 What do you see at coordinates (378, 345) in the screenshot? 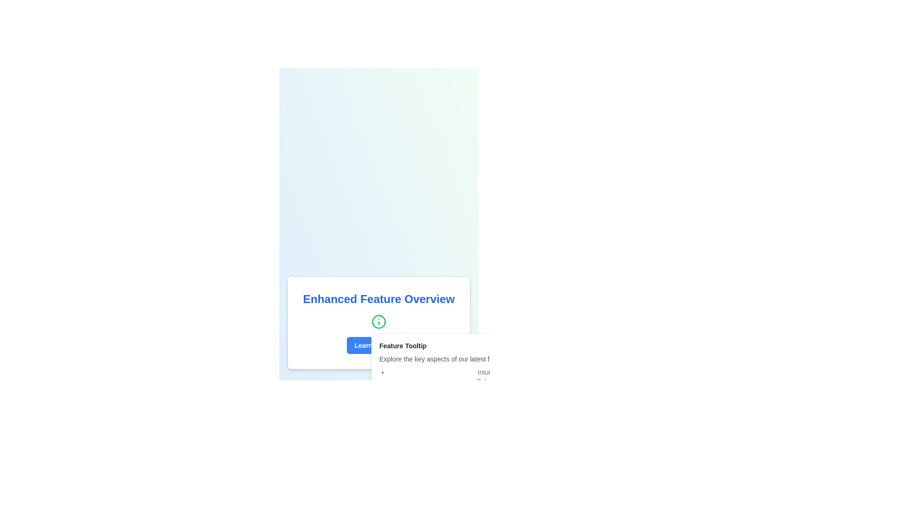
I see `'Learn More' button, which is a blue rectangular button with rounded corners located at the lower left corner of the 'Enhanced Feature Overview' card, using the browser tools` at bounding box center [378, 345].